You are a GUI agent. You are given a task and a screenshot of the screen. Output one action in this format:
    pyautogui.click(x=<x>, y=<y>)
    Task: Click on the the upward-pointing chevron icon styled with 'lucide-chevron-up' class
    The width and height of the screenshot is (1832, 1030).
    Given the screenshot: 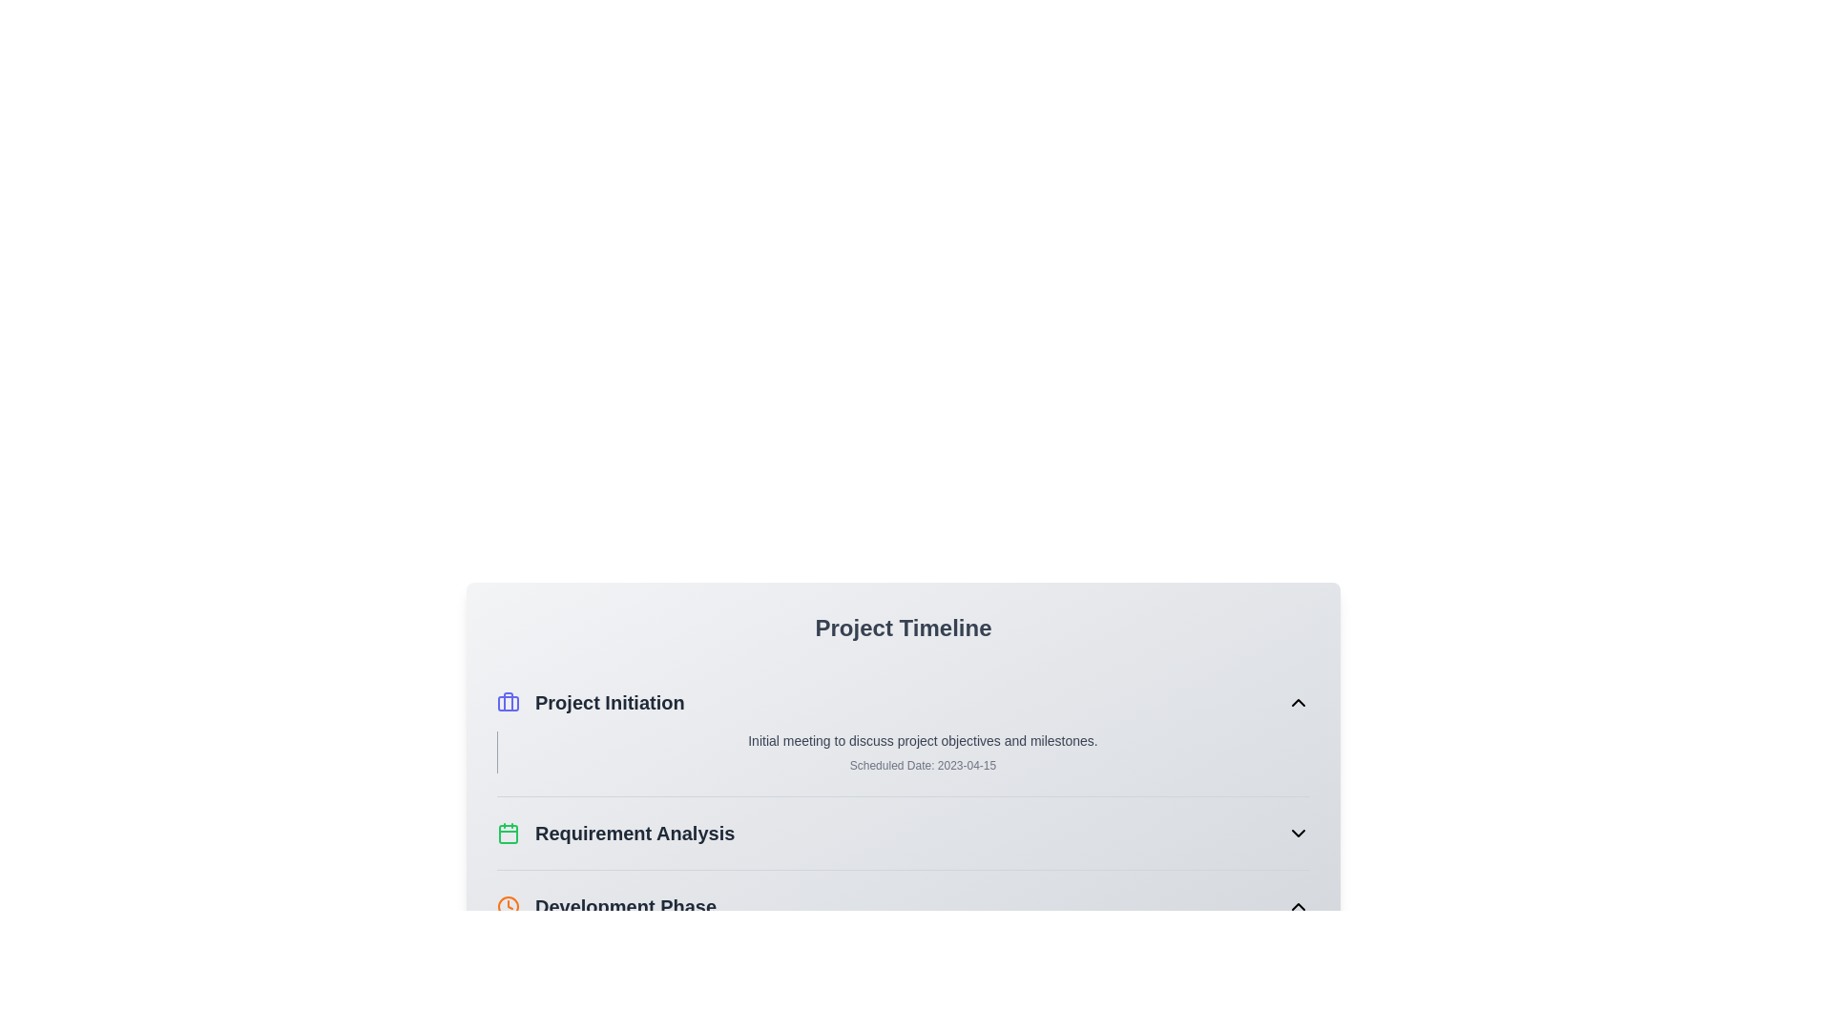 What is the action you would take?
    pyautogui.click(x=1298, y=906)
    